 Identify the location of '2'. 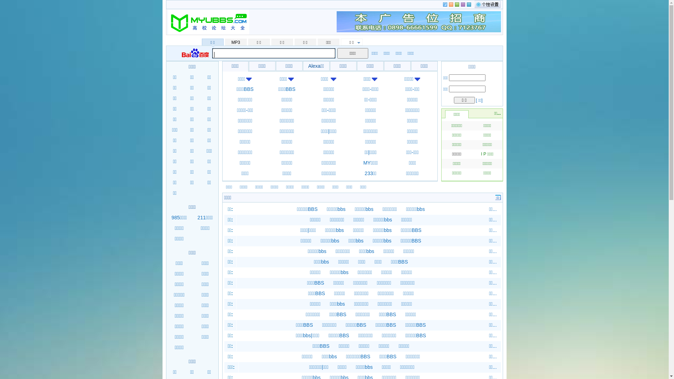
(455, 4).